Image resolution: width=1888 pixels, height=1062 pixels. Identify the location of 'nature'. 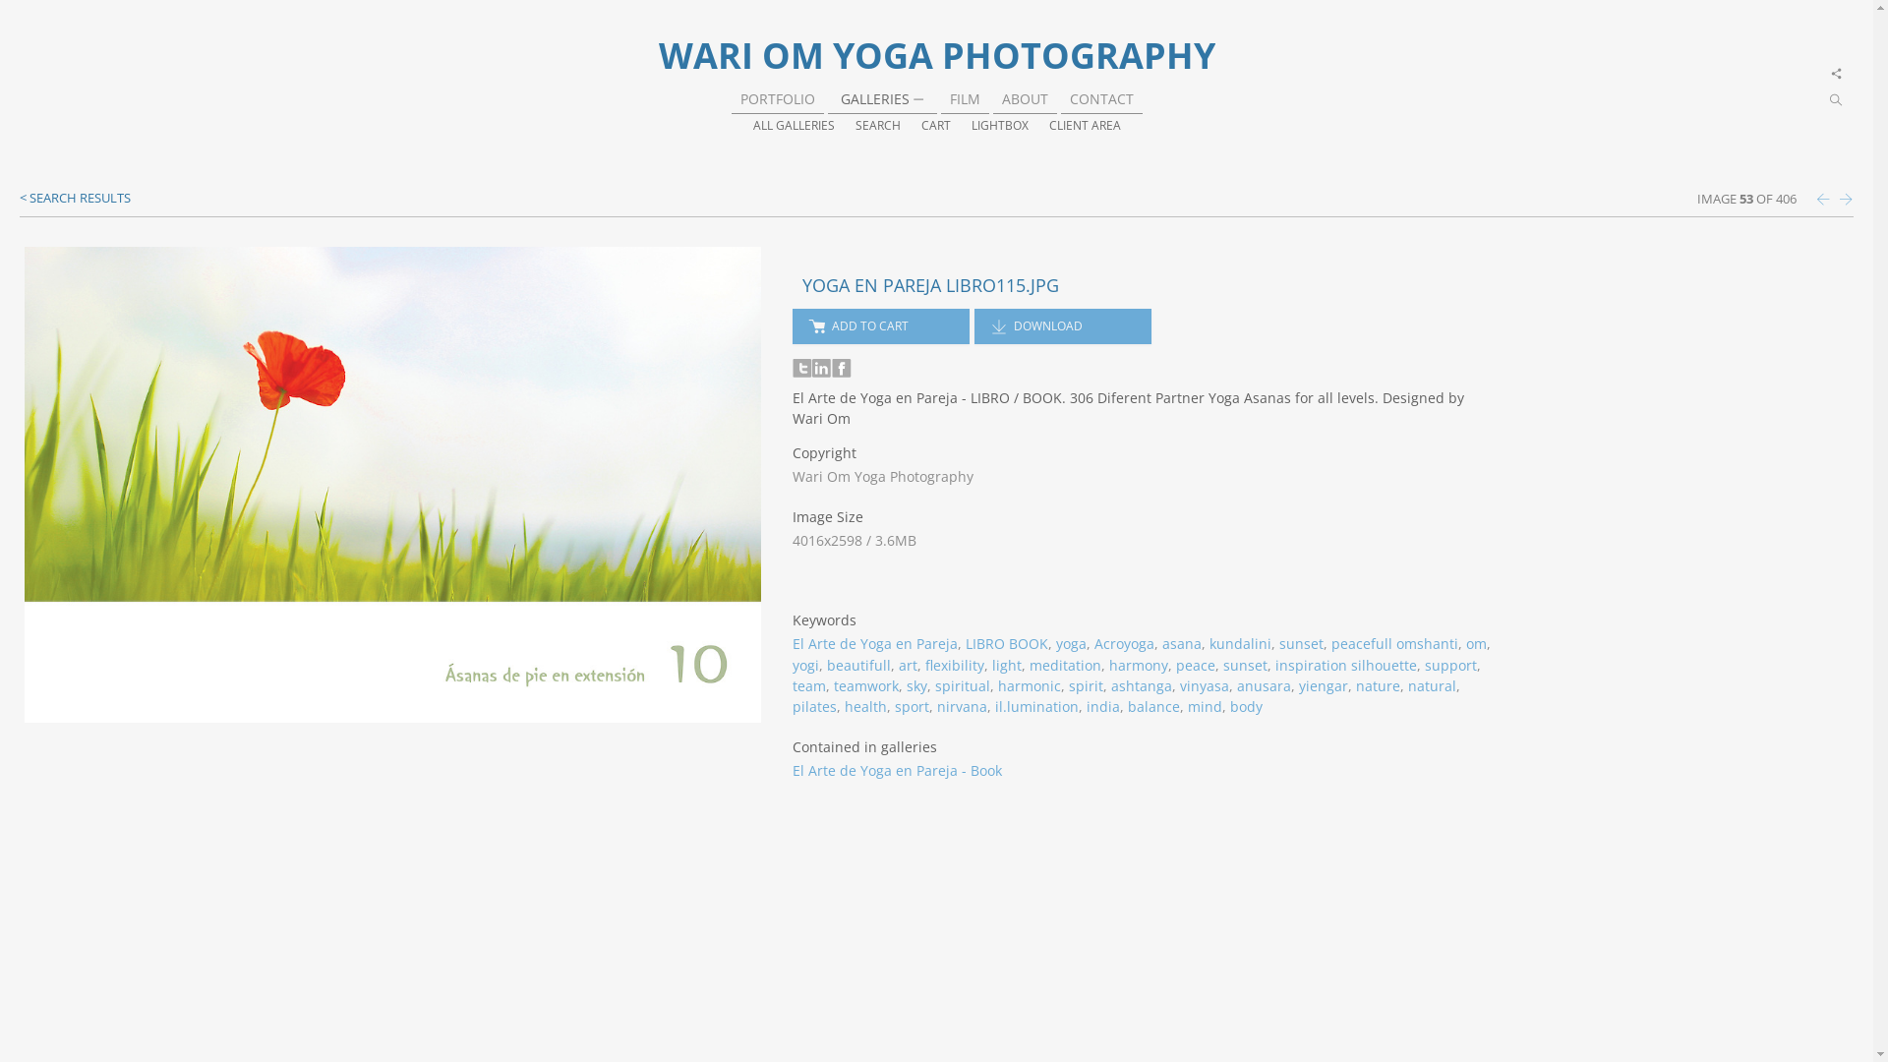
(1377, 684).